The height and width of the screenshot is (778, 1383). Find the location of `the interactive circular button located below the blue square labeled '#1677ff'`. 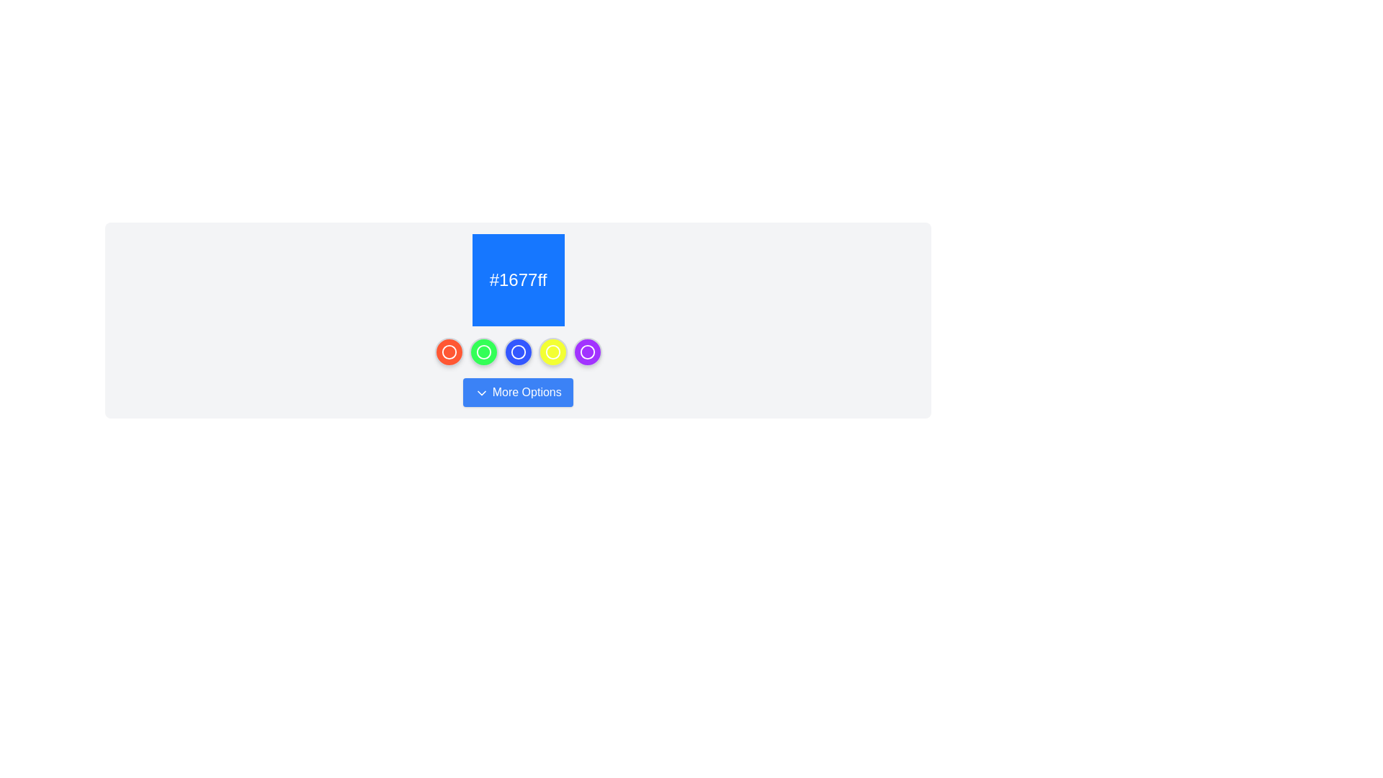

the interactive circular button located below the blue square labeled '#1677ff' is located at coordinates (518, 352).